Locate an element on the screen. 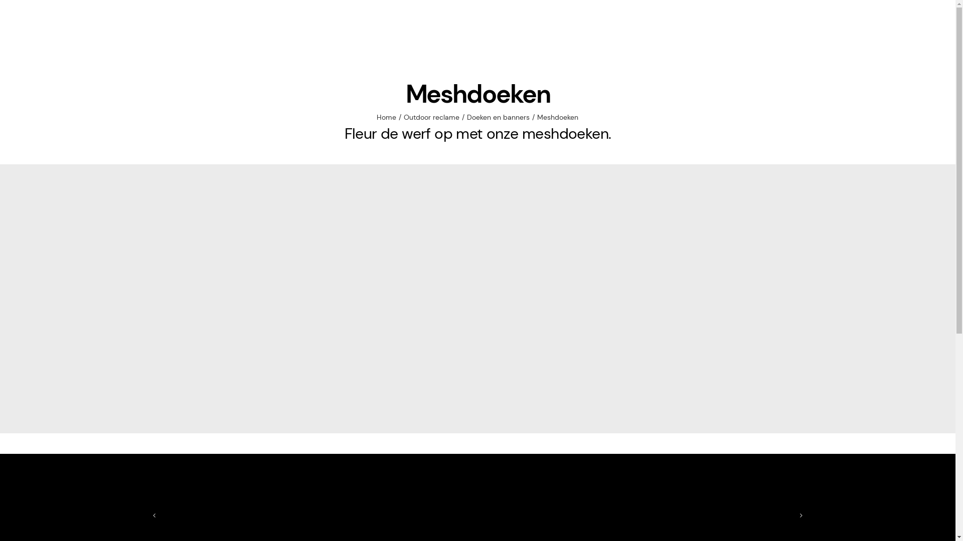 The width and height of the screenshot is (963, 541). 'Doeken en banners' is located at coordinates (498, 117).